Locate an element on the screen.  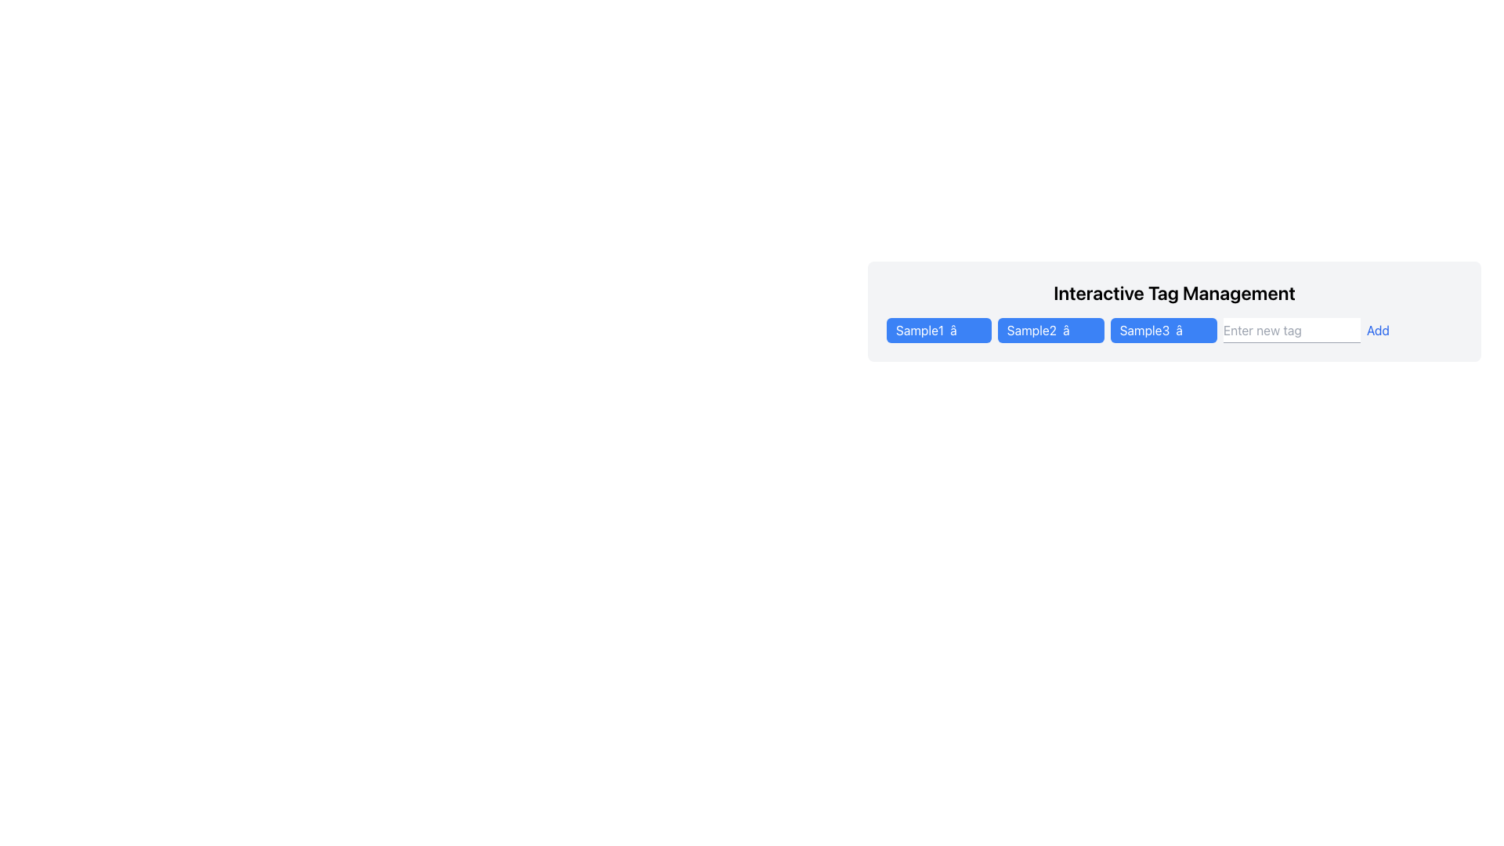
the 'Sample2' text label, which is positioned between 'Sample1' and 'Sample3' tags in a horizontal group is located at coordinates (1032, 329).